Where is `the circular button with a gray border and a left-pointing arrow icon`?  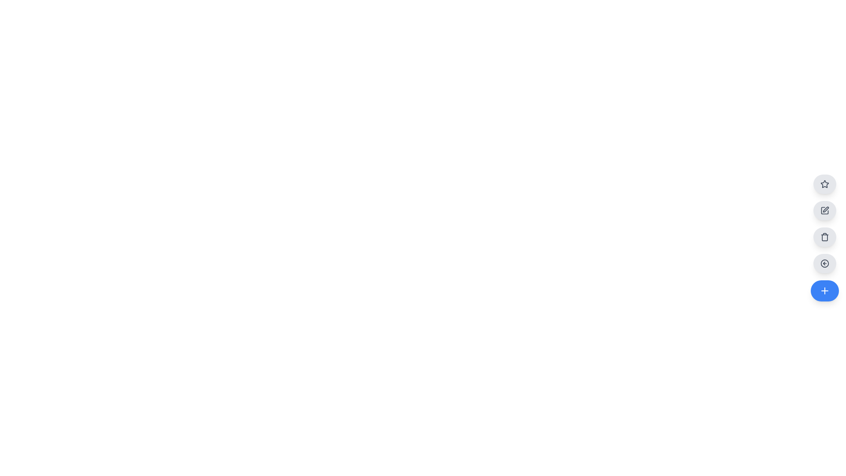
the circular button with a gray border and a left-pointing arrow icon is located at coordinates (824, 263).